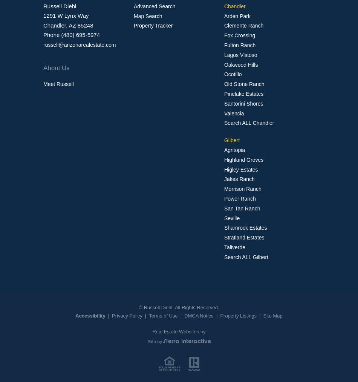 This screenshot has height=382, width=358. What do you see at coordinates (71, 34) in the screenshot?
I see `'Phone (480) 695-5974'` at bounding box center [71, 34].